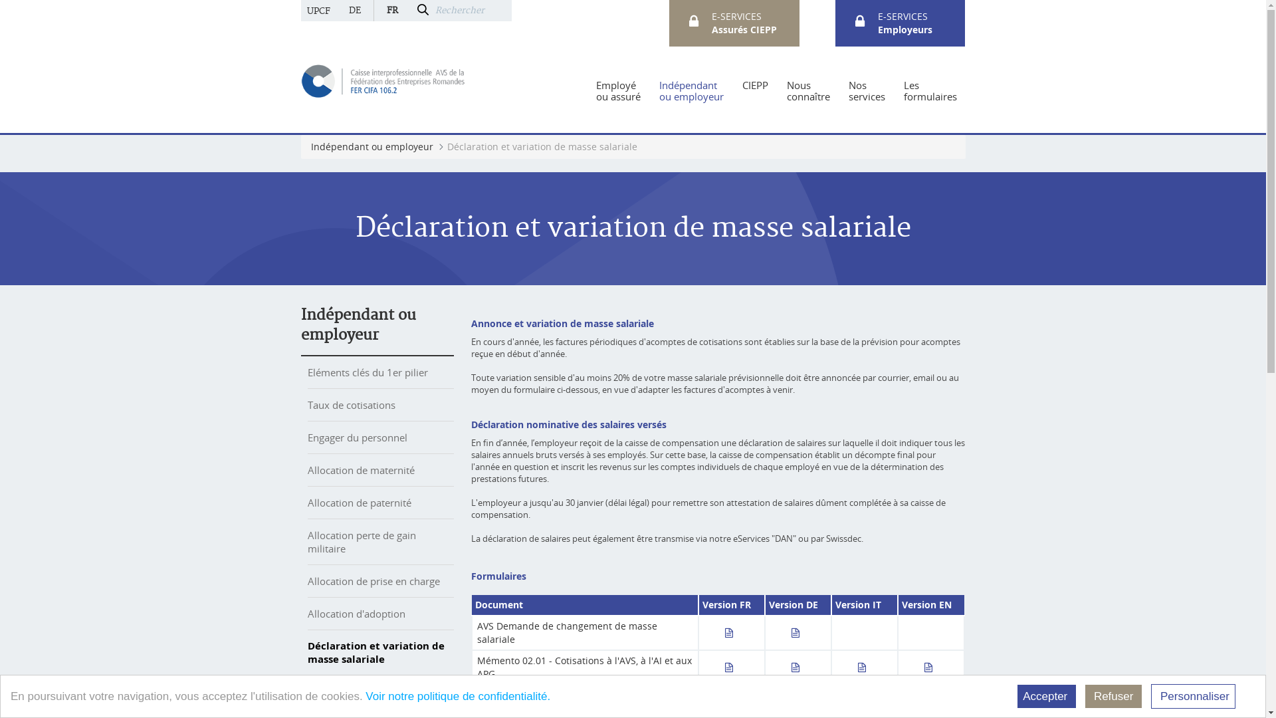 This screenshot has height=718, width=1276. I want to click on 'Refuser', so click(1113, 695).